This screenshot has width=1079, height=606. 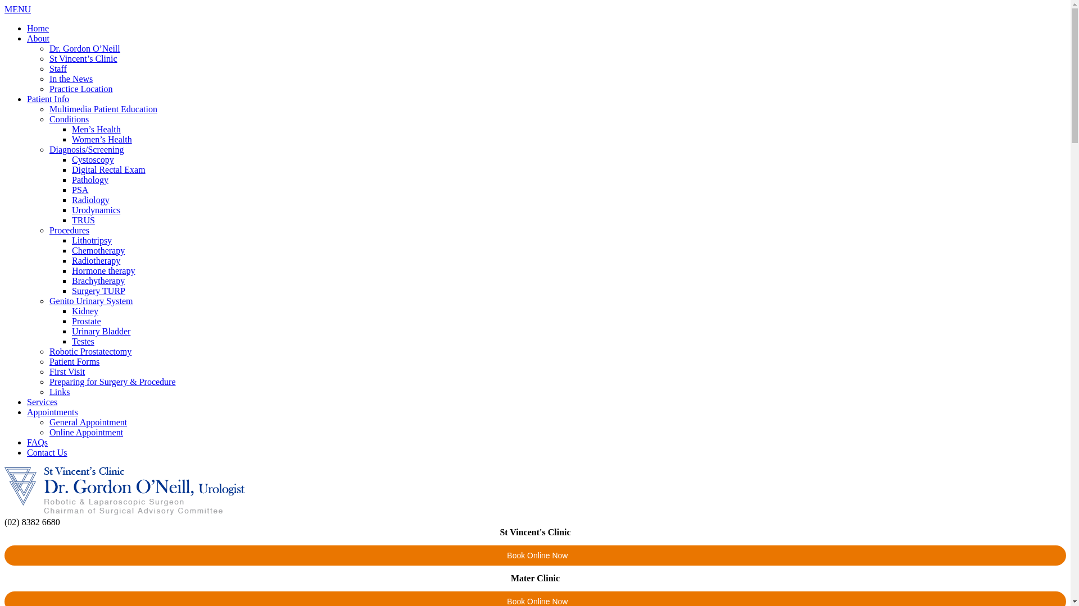 I want to click on 'Urodynamics', so click(x=96, y=210).